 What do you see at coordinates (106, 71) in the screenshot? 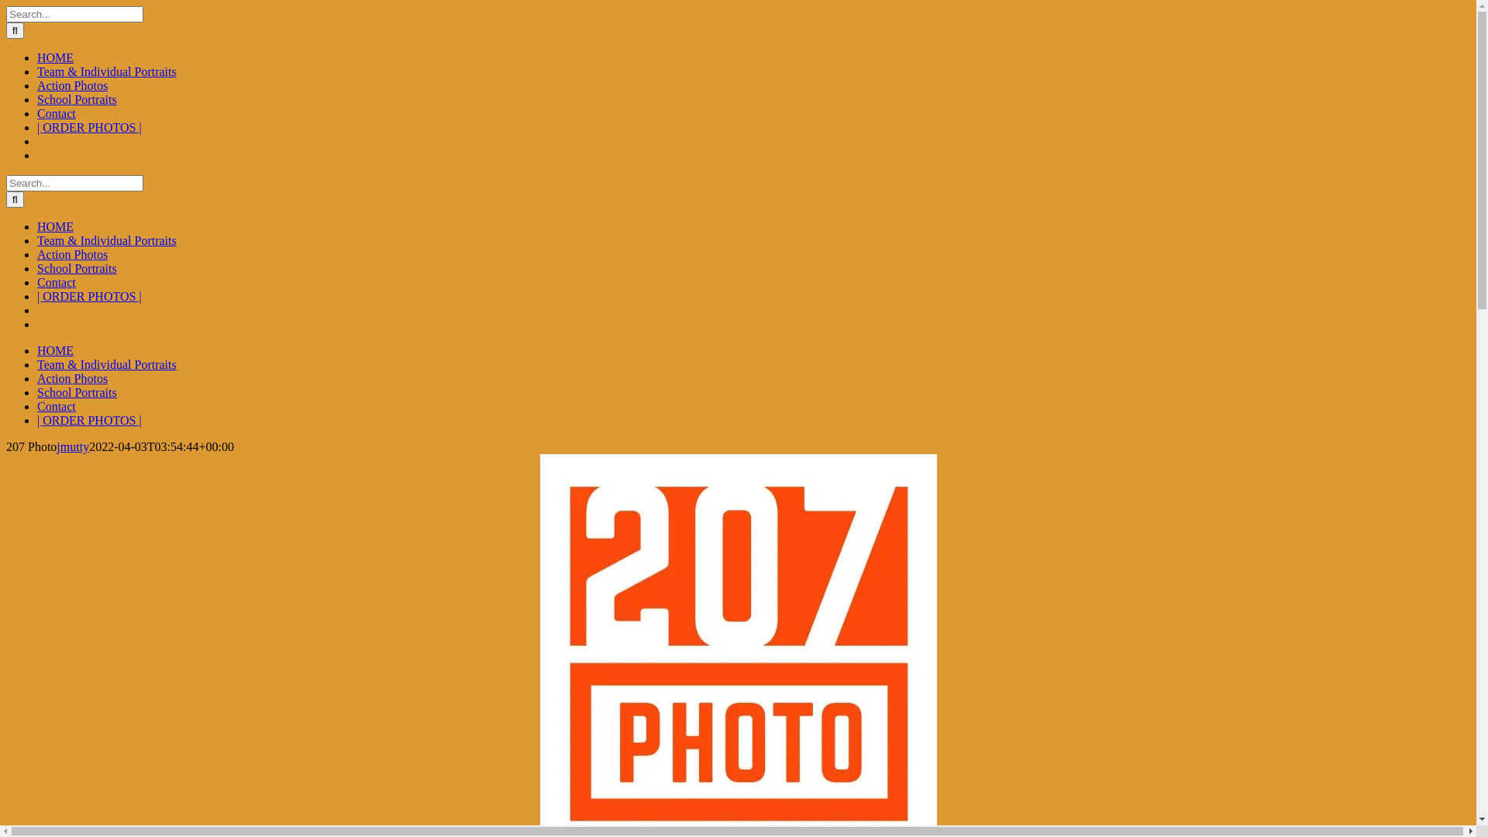
I see `'Team & Individual Portraits'` at bounding box center [106, 71].